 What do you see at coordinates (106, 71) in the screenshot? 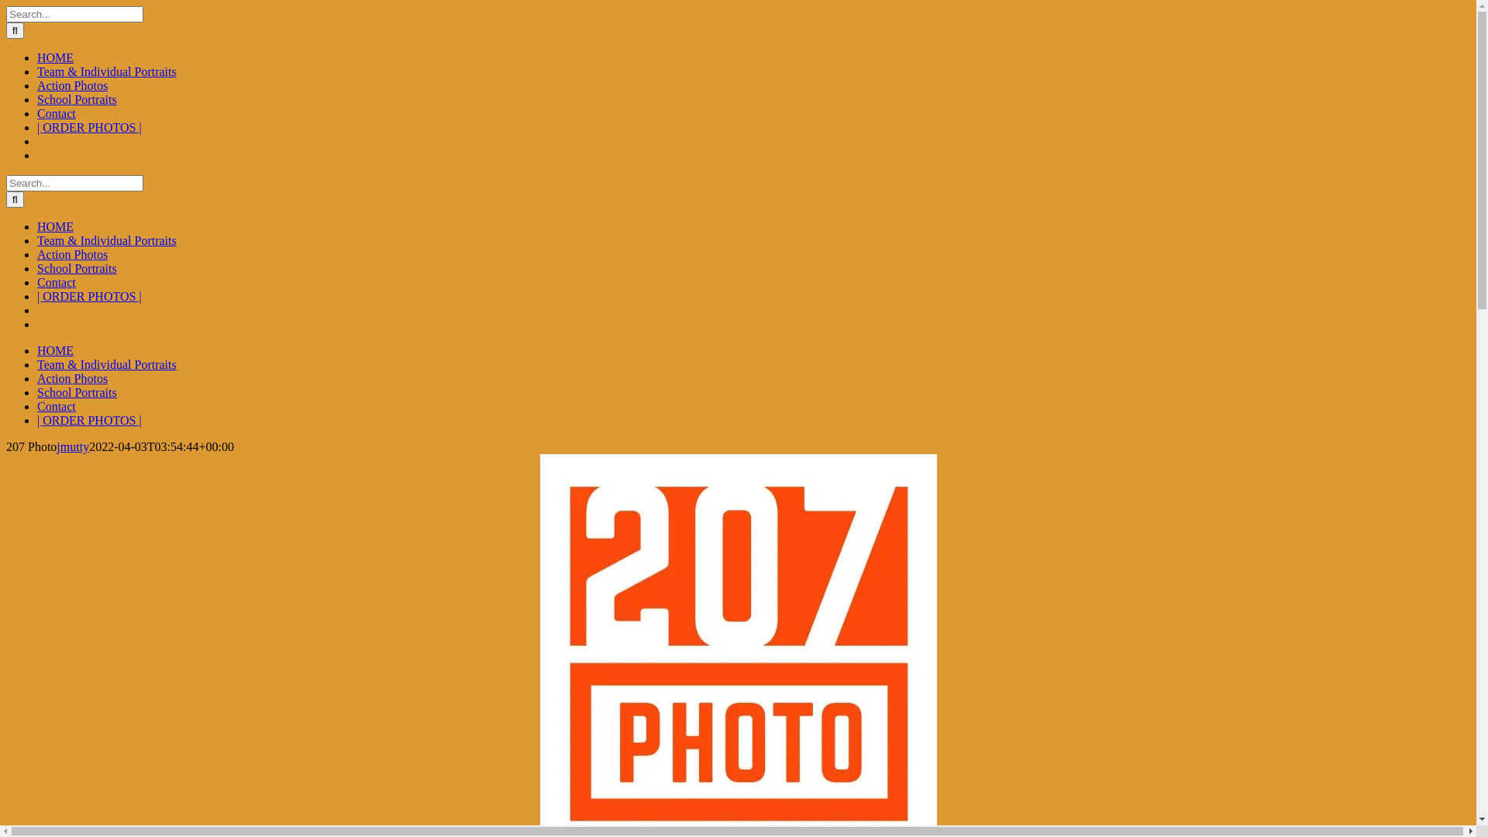
I see `'Team & Individual Portraits'` at bounding box center [106, 71].